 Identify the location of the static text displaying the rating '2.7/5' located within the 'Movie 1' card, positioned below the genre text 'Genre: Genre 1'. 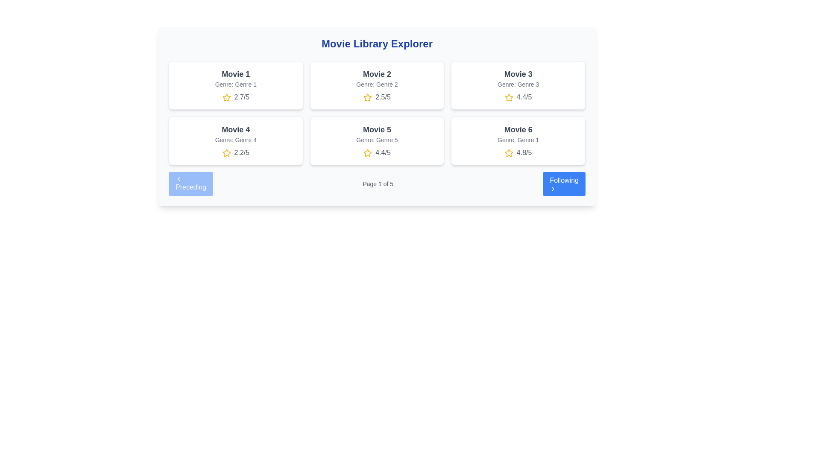
(236, 96).